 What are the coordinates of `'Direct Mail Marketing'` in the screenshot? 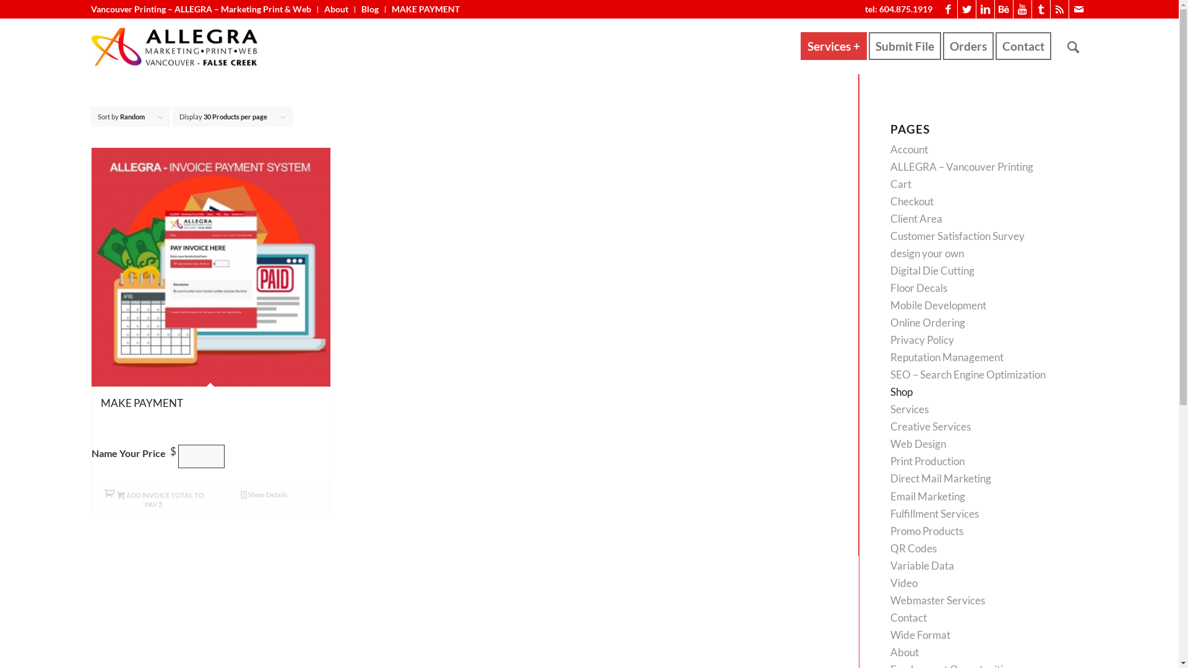 It's located at (890, 477).